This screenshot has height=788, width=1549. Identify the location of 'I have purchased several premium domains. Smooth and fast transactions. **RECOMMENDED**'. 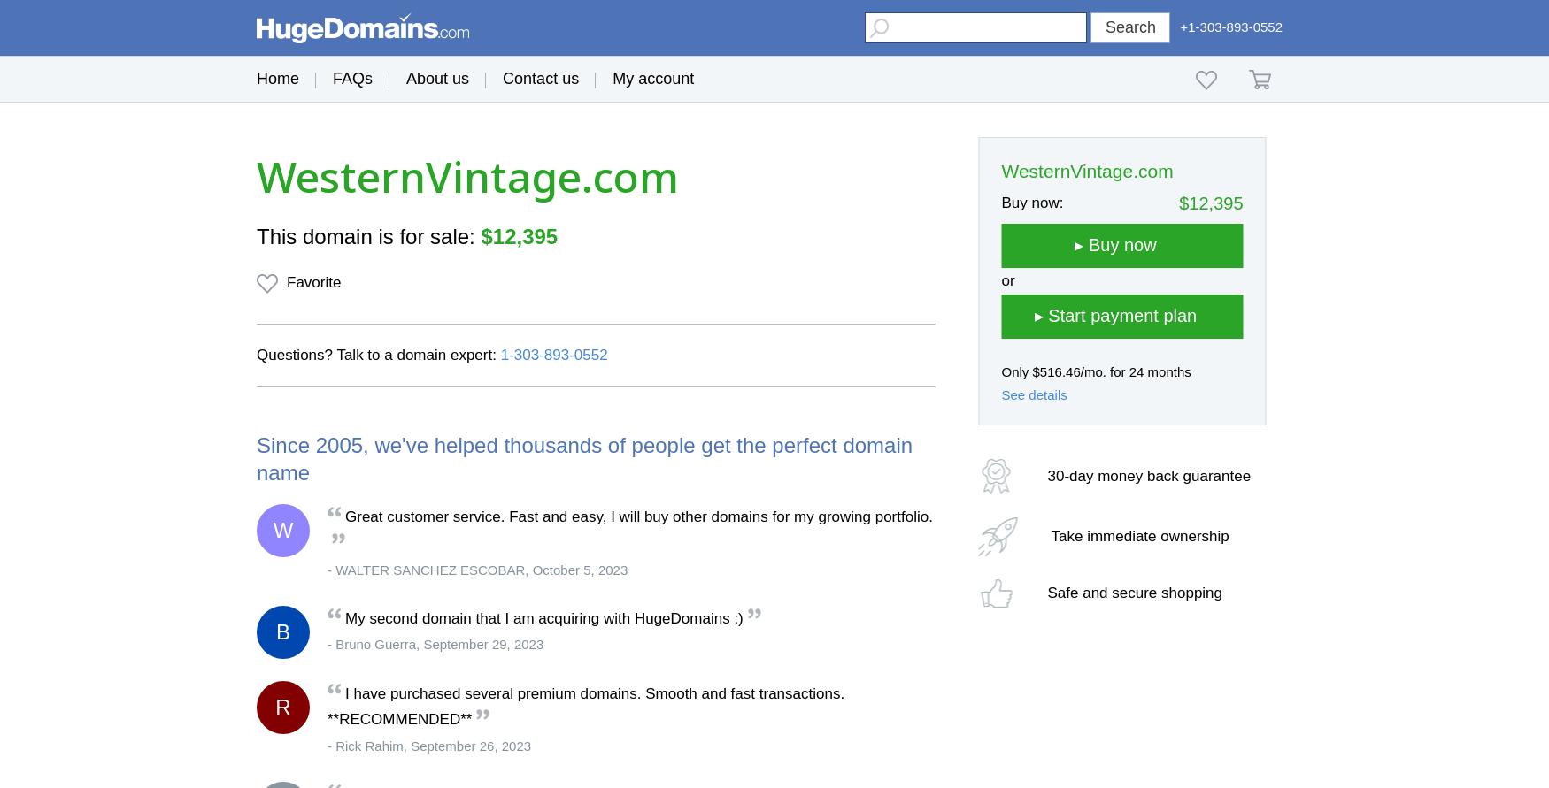
(327, 706).